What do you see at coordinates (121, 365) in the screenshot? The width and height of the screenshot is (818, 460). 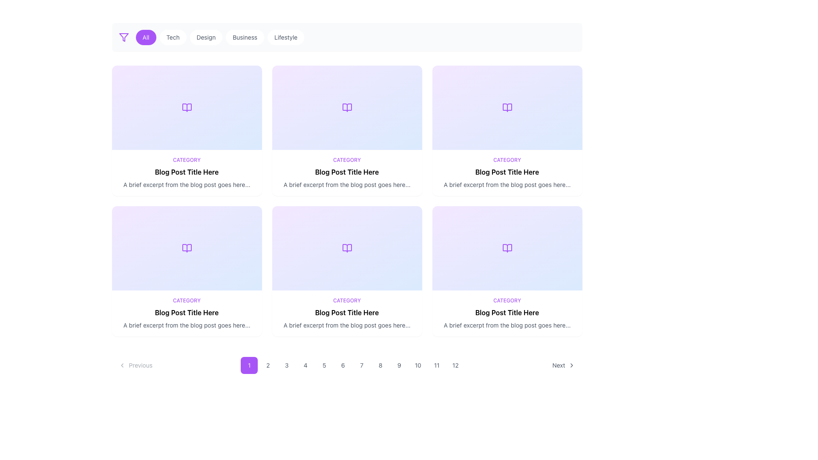 I see `the left-facing chevron icon, which is part of the 'Previous' button located in the pagination section at the bottom-left corner of the page` at bounding box center [121, 365].